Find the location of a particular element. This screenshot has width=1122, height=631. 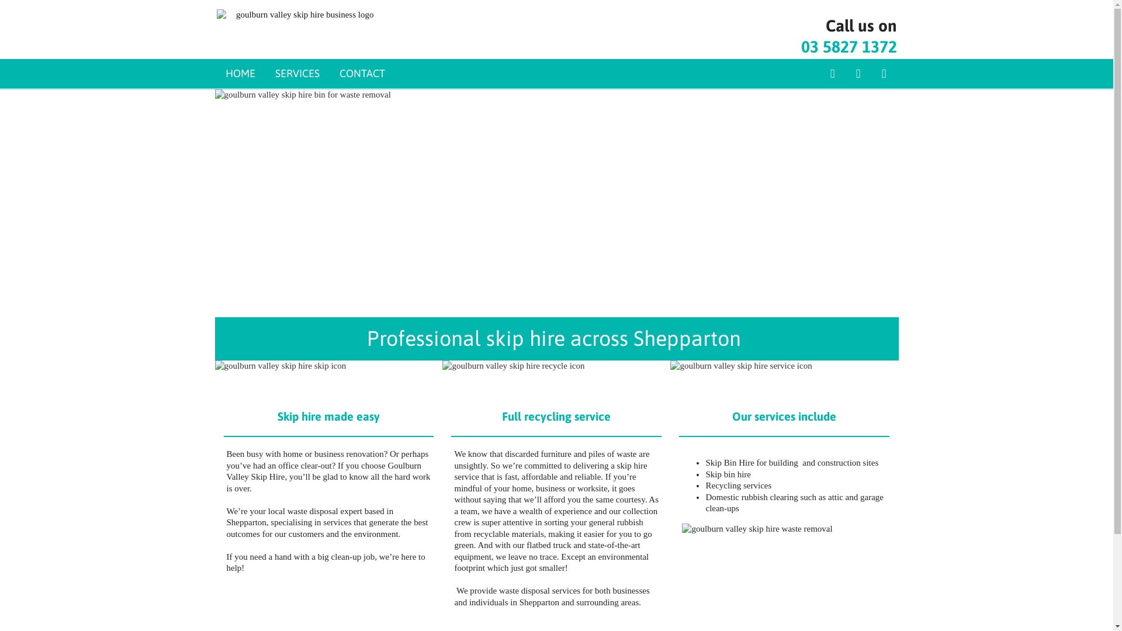

'SERVICES' is located at coordinates (297, 74).